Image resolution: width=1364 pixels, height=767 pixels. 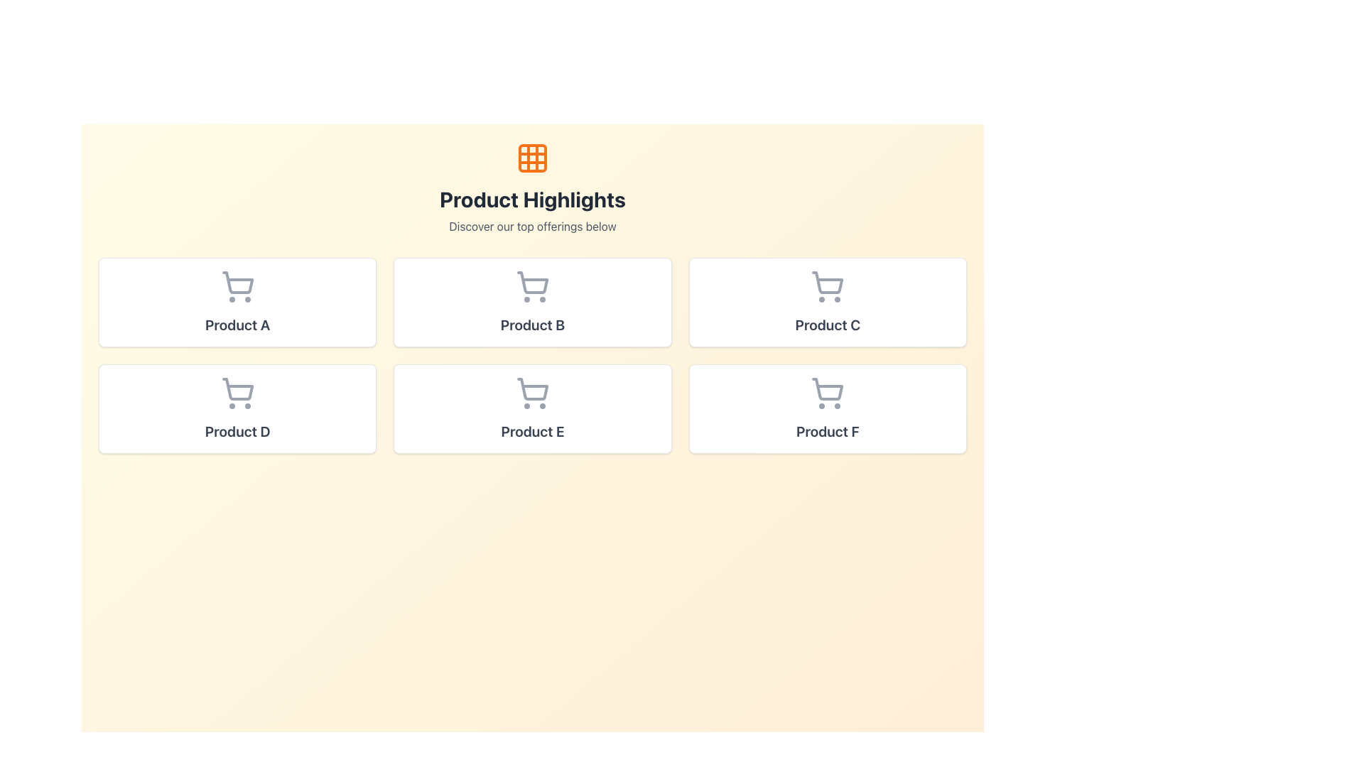 What do you see at coordinates (237, 389) in the screenshot?
I see `the shopping cart icon in the 'Product Highlights' section, located in the second row and first column of the grid layout, to interact with its functionality` at bounding box center [237, 389].